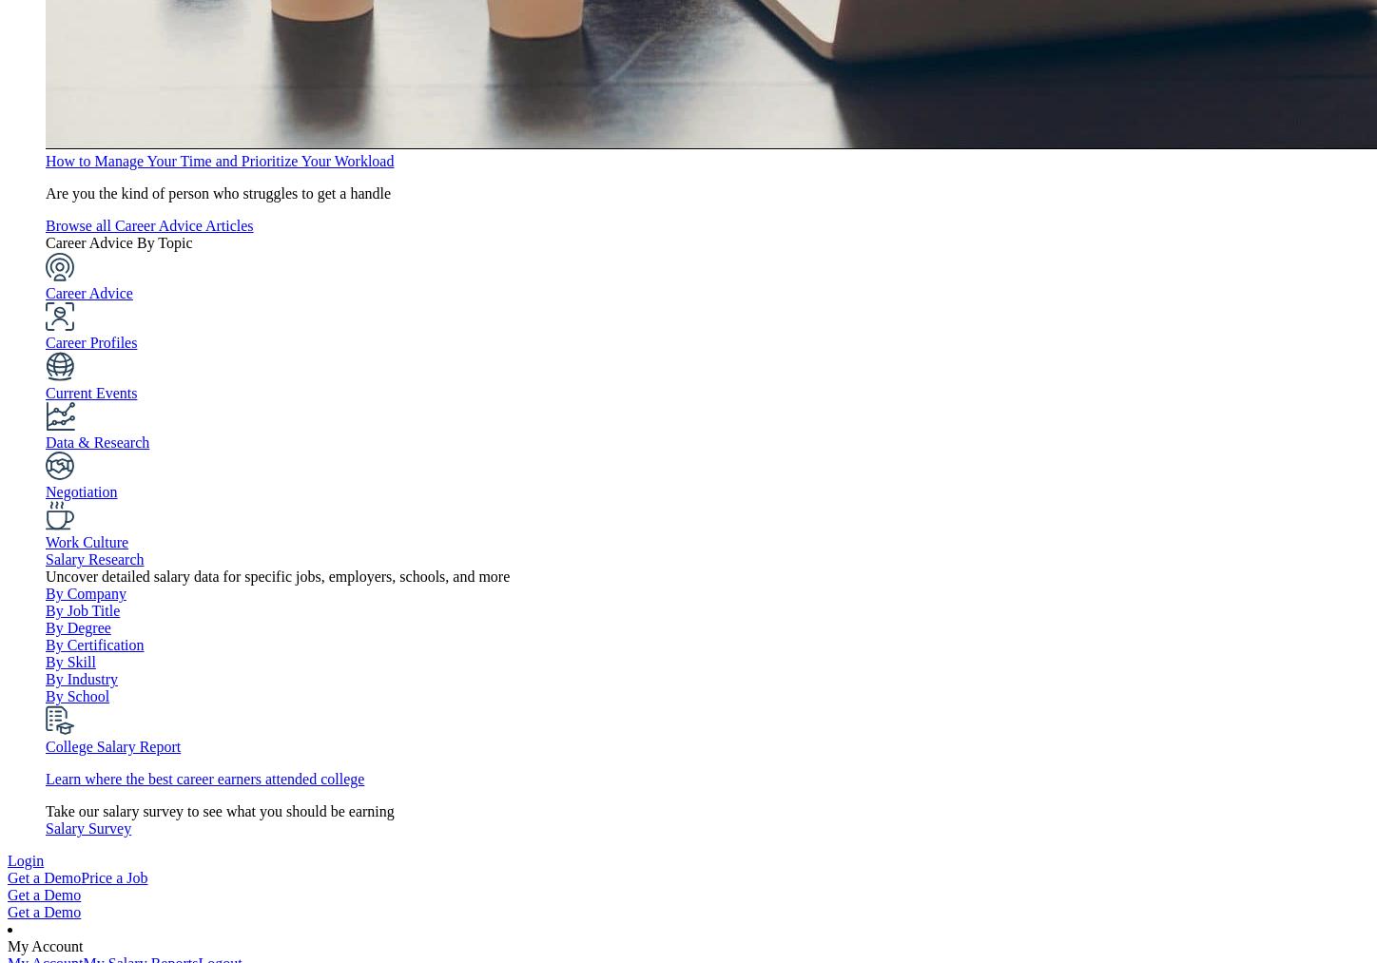  I want to click on 'Career Profiles', so click(90, 342).